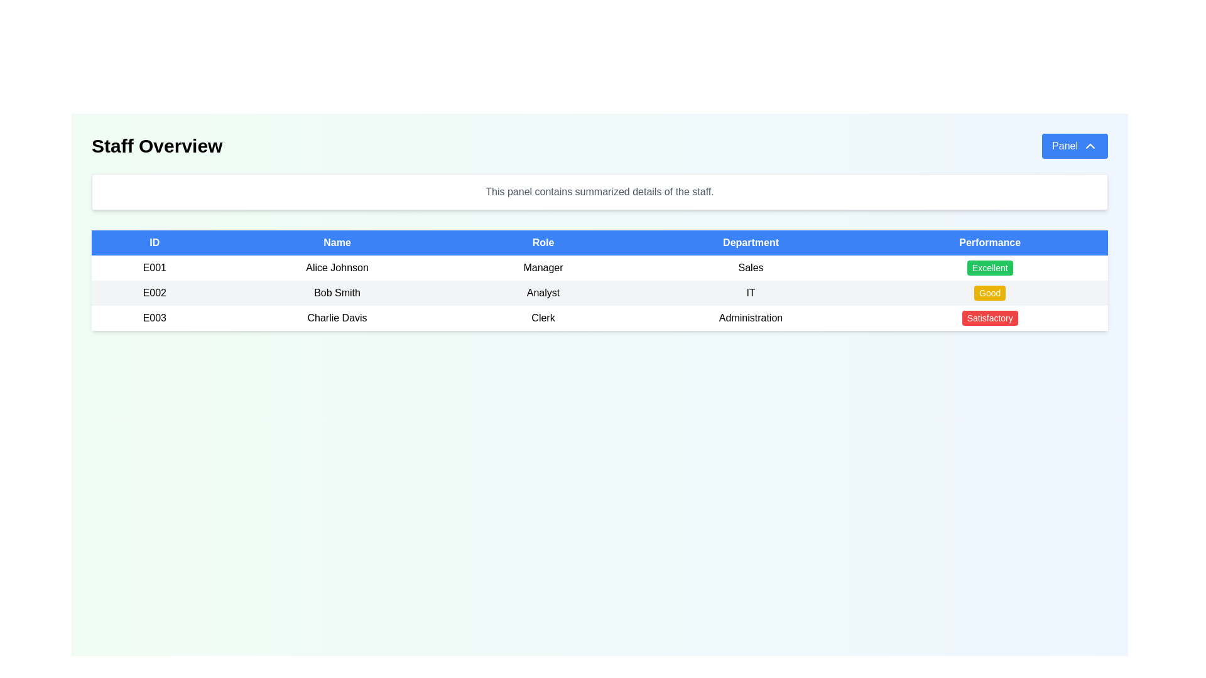 Image resolution: width=1206 pixels, height=678 pixels. What do you see at coordinates (989, 242) in the screenshot?
I see `the 'Performance' column header to sort the associated column in the table` at bounding box center [989, 242].